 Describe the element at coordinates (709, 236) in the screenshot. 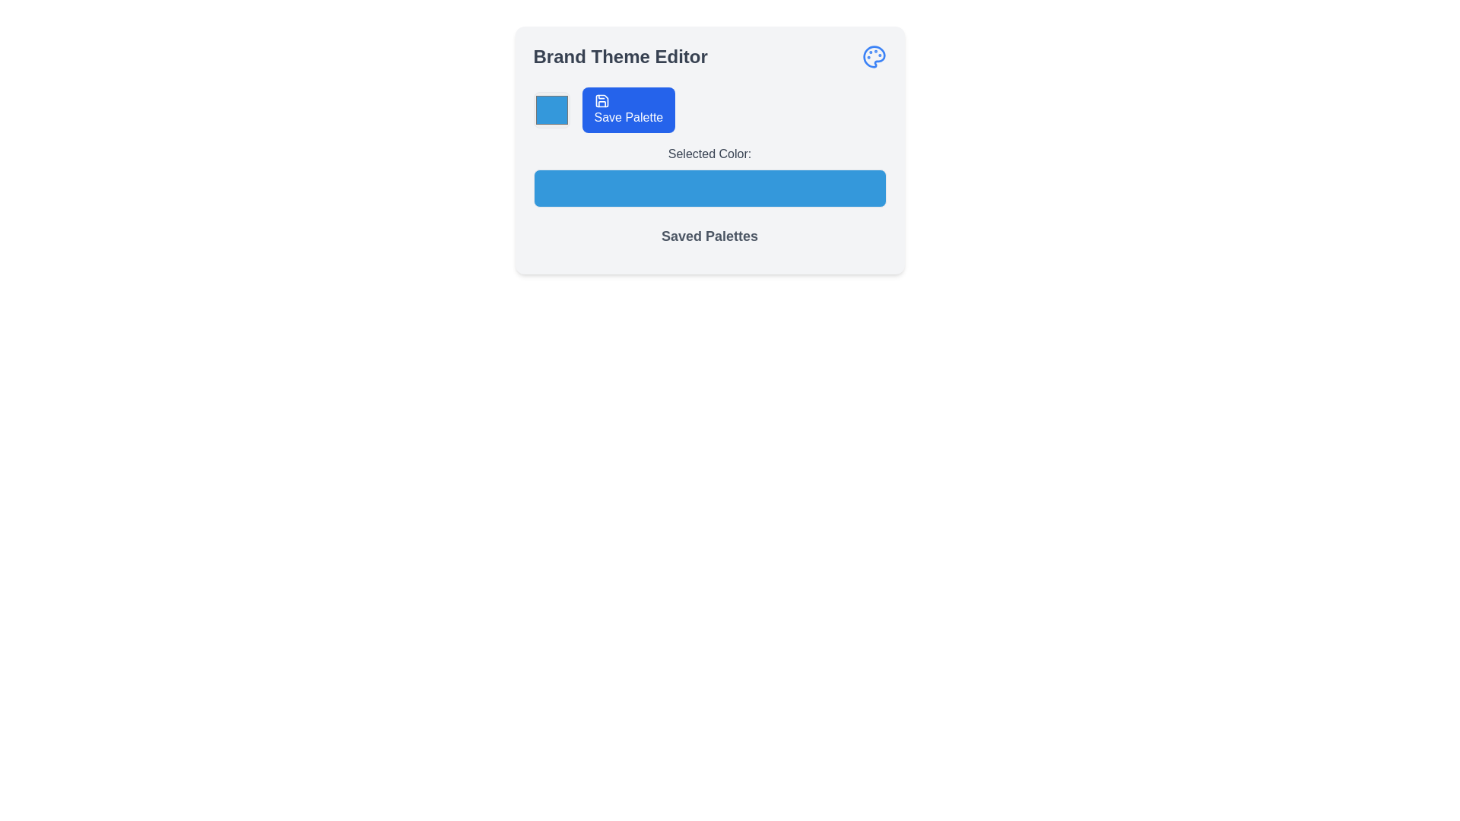

I see `the 'Saved Palettes' text label, which is styled with a larger font size and a bold, darker color, positioned within a light gray background below the 'Selected Color:' button in the 'Brand Theme Editor' panel` at that location.